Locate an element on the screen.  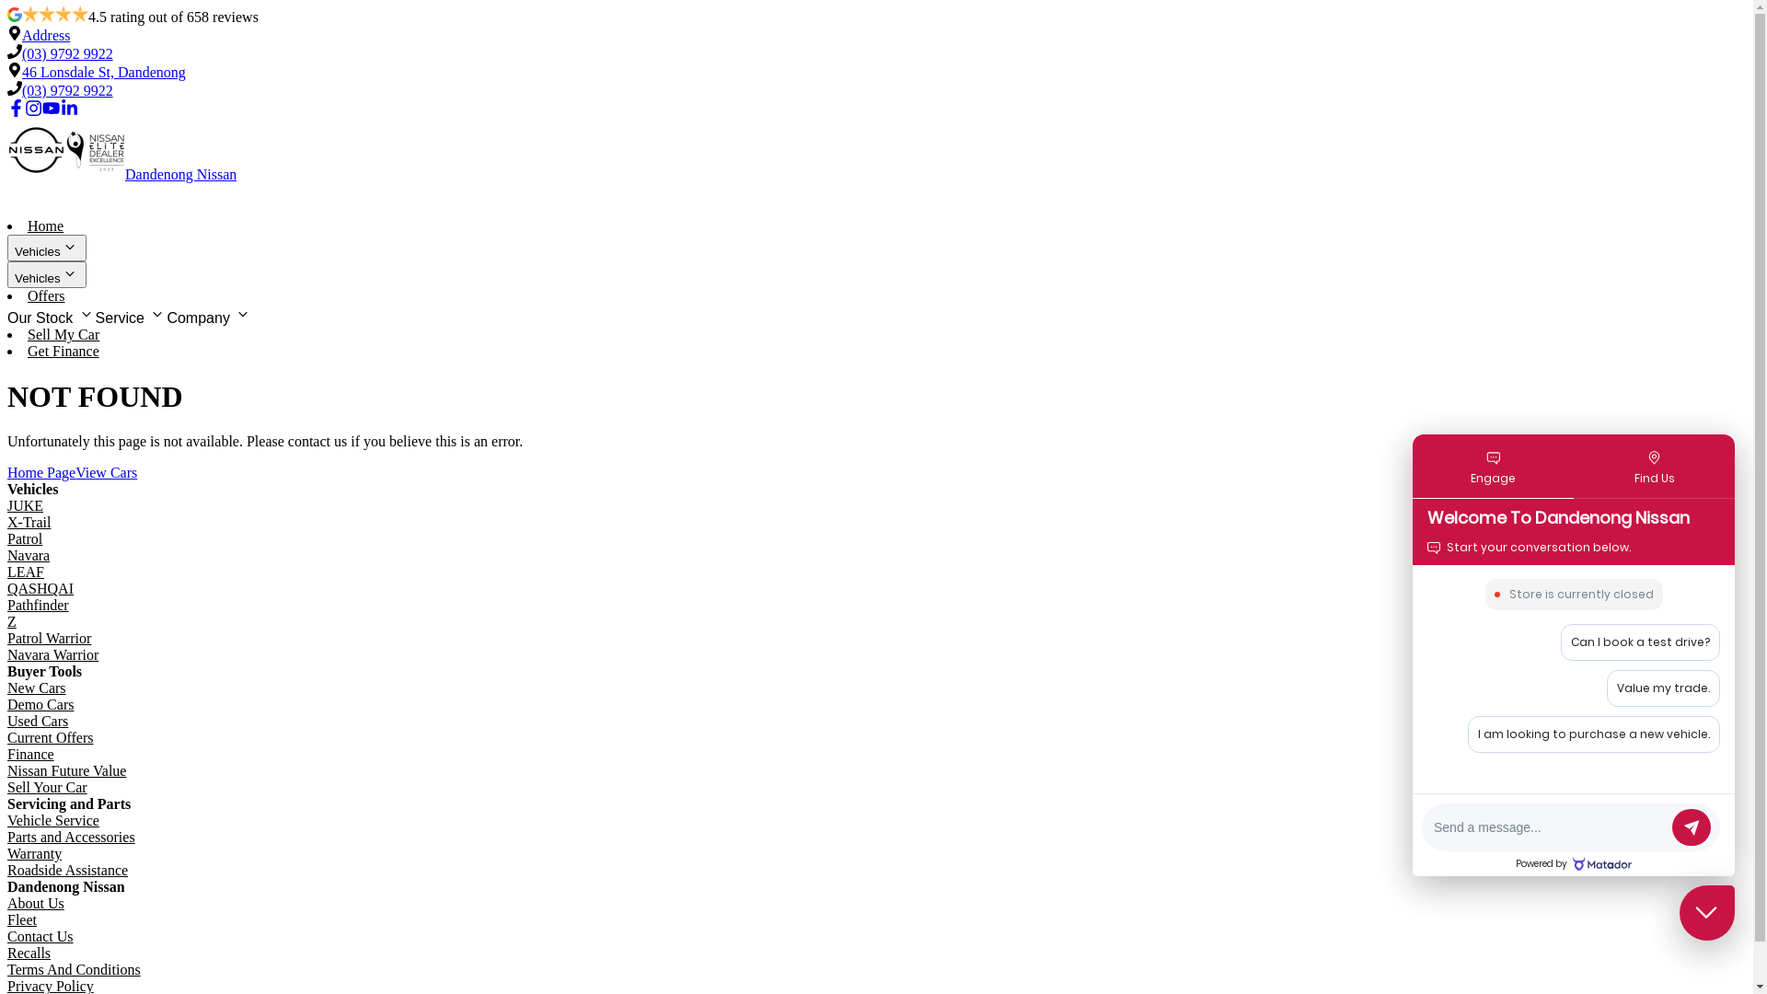
'Offers' is located at coordinates (27, 295).